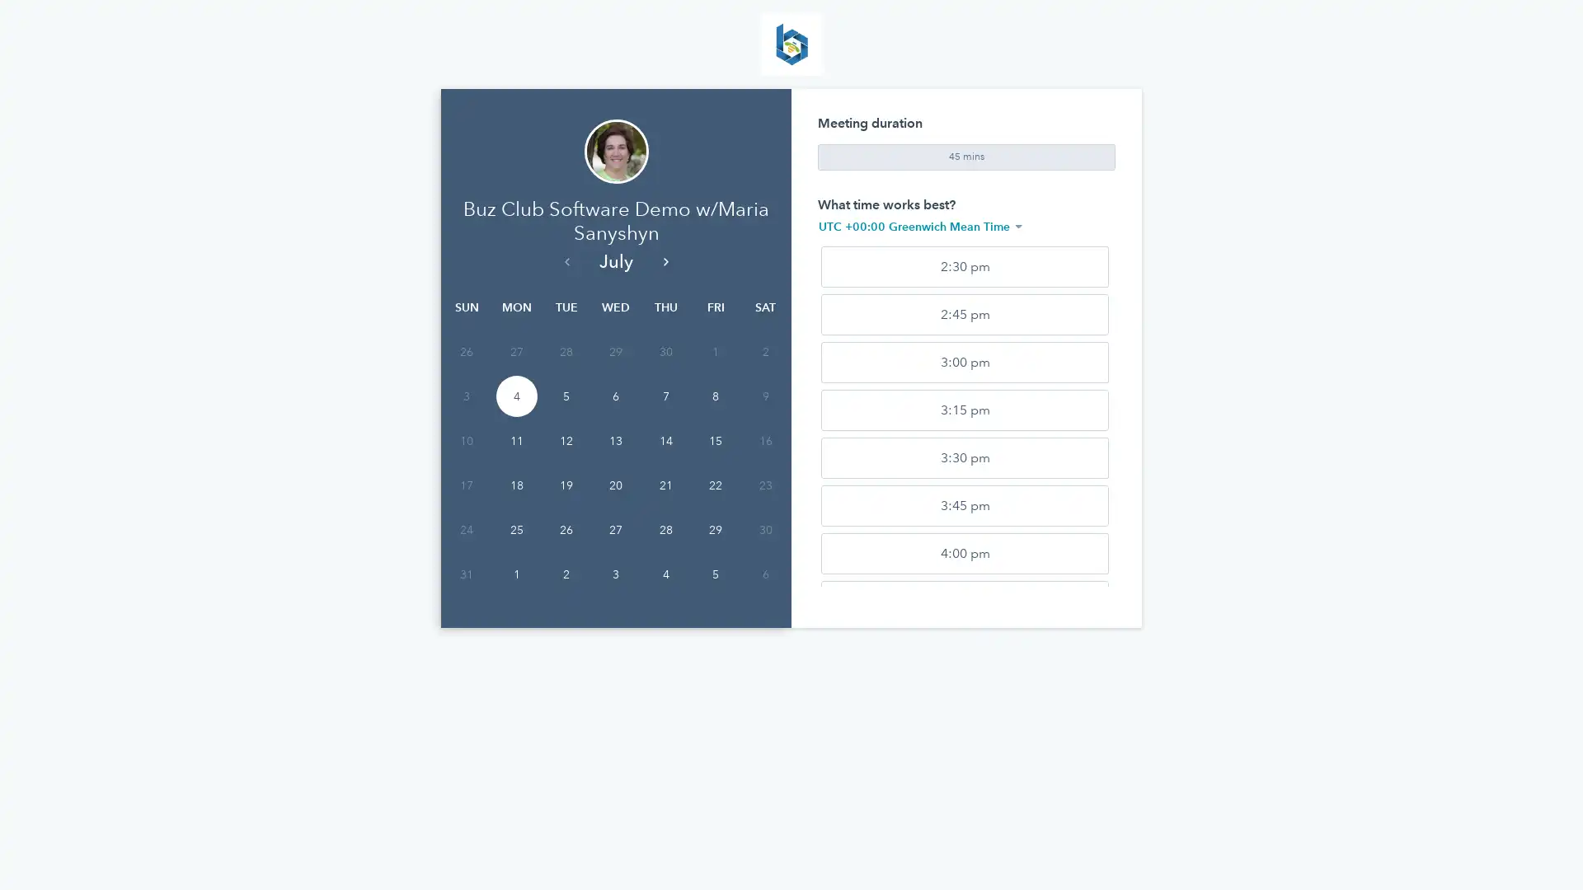 This screenshot has height=890, width=1583. What do you see at coordinates (763, 530) in the screenshot?
I see `July 30th` at bounding box center [763, 530].